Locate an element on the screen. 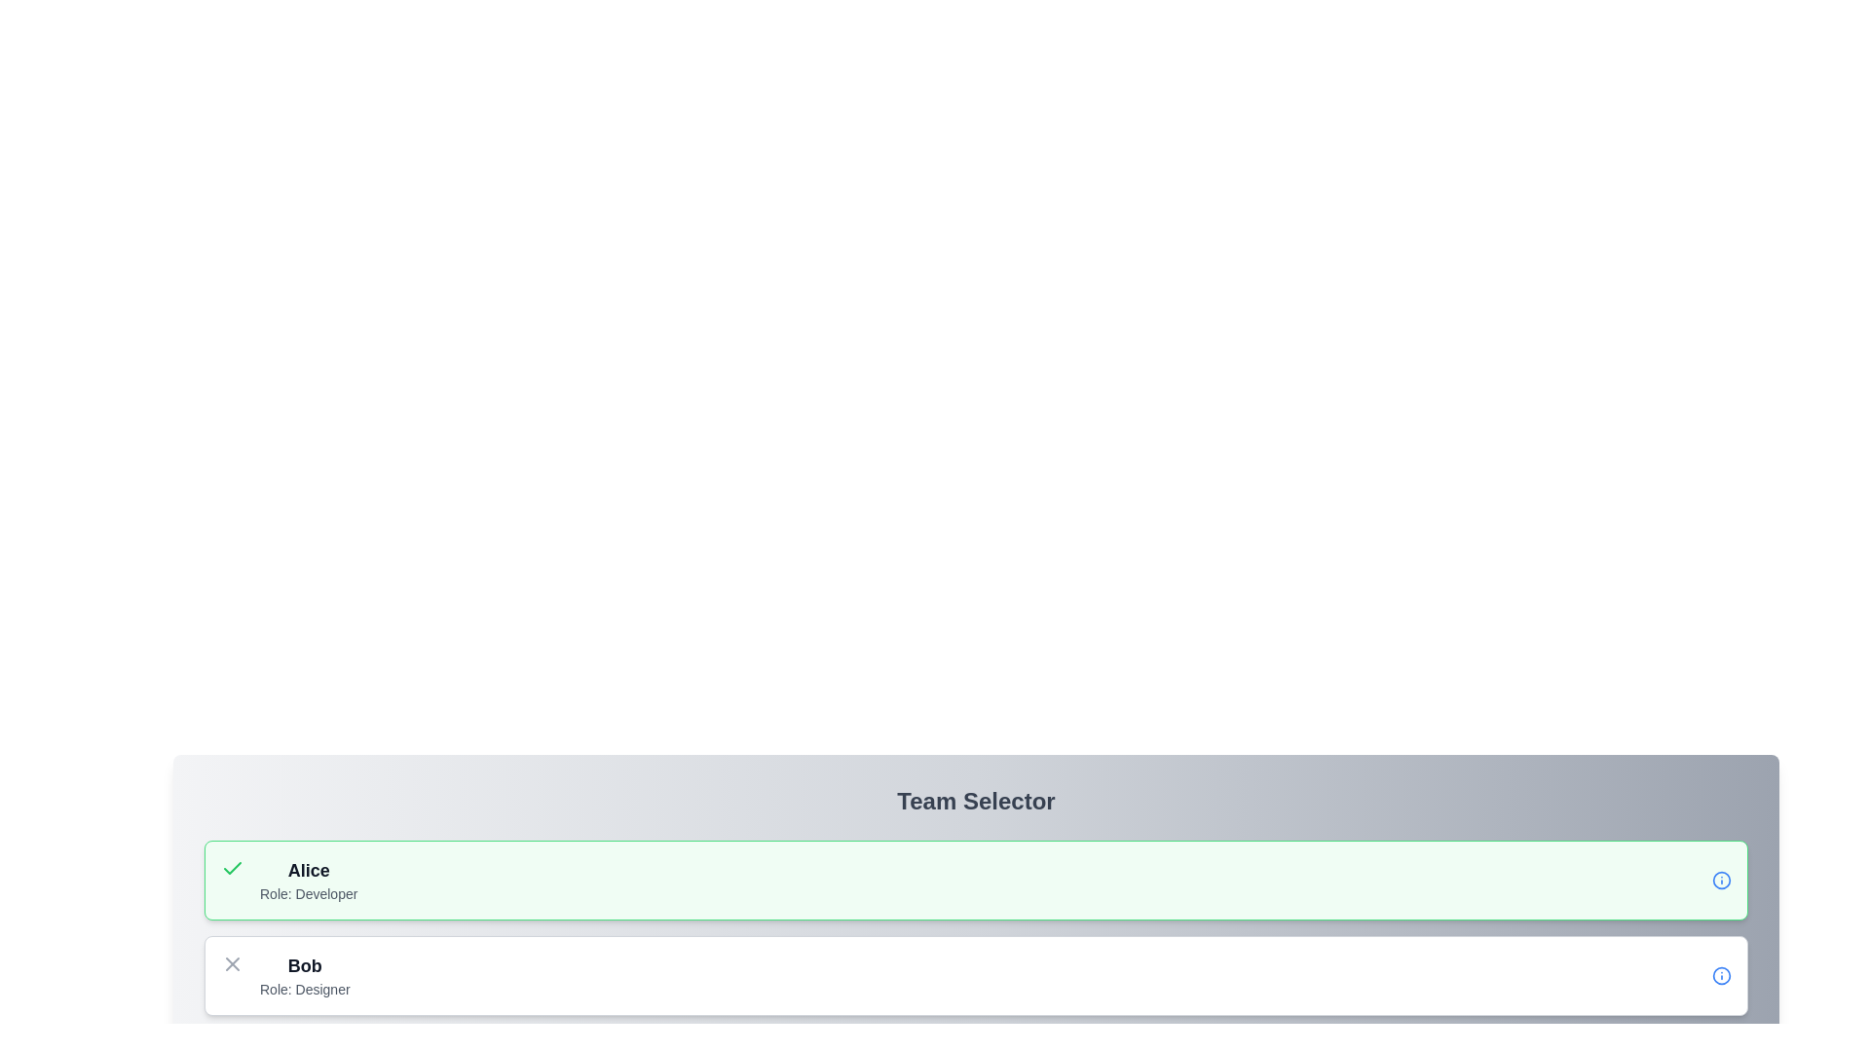 The height and width of the screenshot is (1052, 1870). the text label displaying the name 'Alice' in bold styling is located at coordinates (308, 870).